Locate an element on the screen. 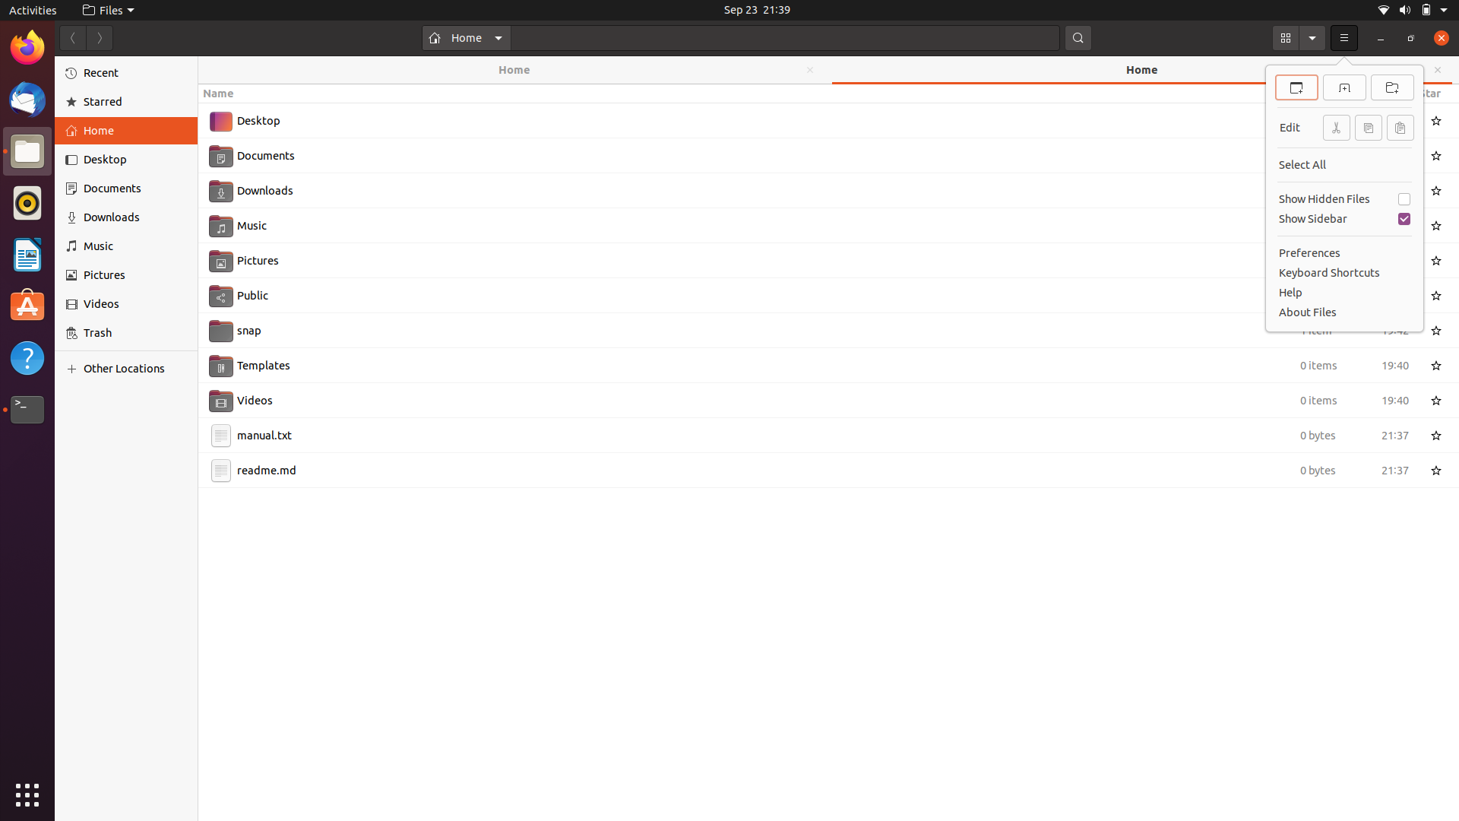 The image size is (1459, 821). the filename from readme.md to README.md by utilizing mouse and keyboard is located at coordinates (812, 468).